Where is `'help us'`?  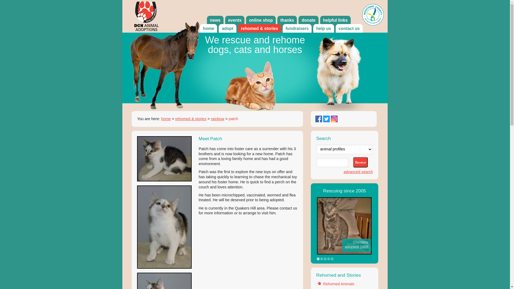 'help us' is located at coordinates (323, 29).